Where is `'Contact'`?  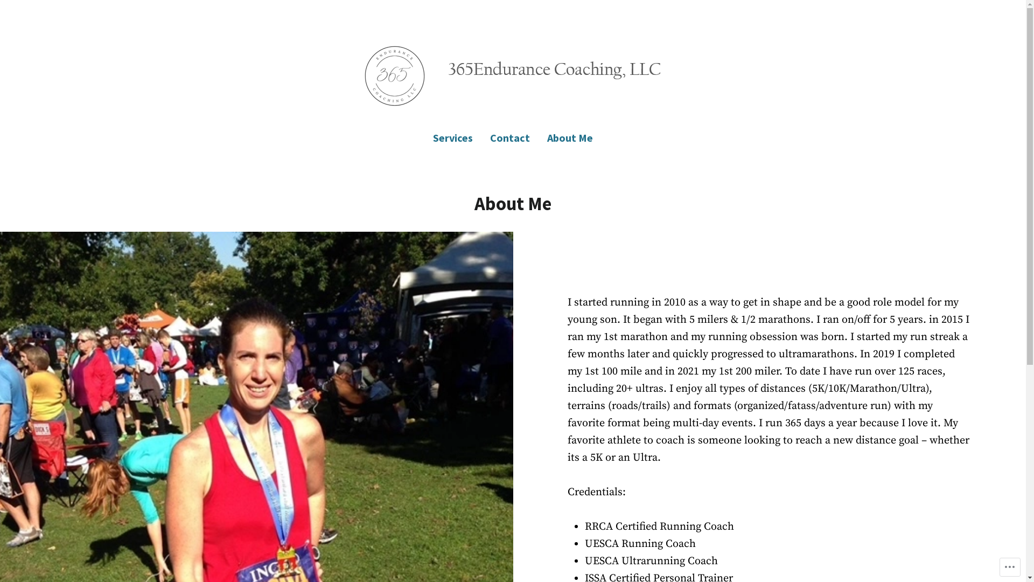
'Contact' is located at coordinates (480, 137).